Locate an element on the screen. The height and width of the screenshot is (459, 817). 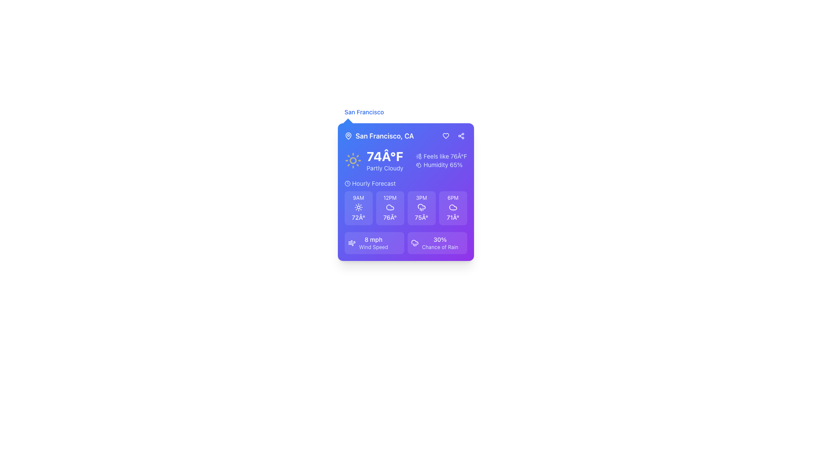
the sun icon located in the weather overview card for '9AM' with a temperature of '72°' is located at coordinates (358, 207).